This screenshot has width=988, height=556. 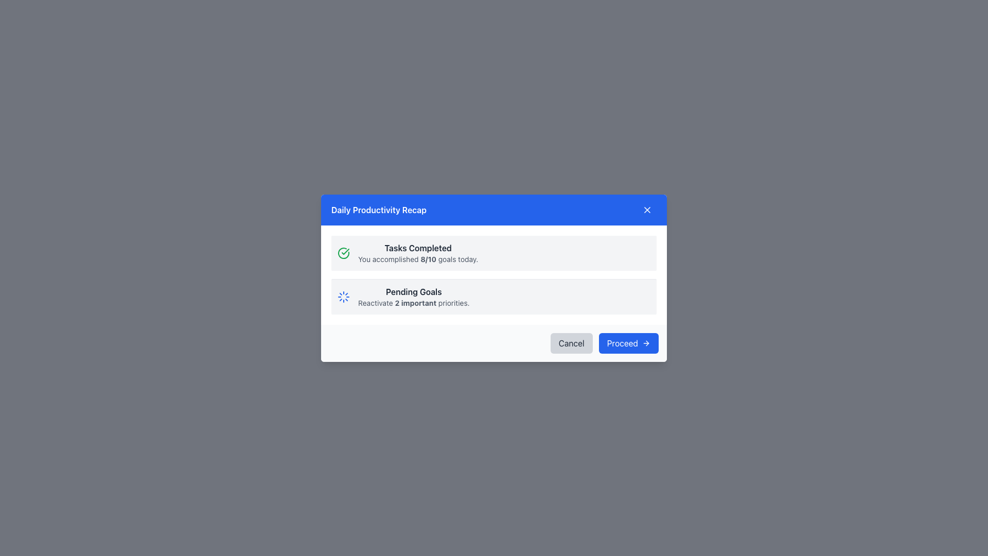 I want to click on the 'Cancel' button, which is a rectangular button with rounded corners, light gray background, and black text, located at the bottom-right section of the modal interface, so click(x=571, y=343).